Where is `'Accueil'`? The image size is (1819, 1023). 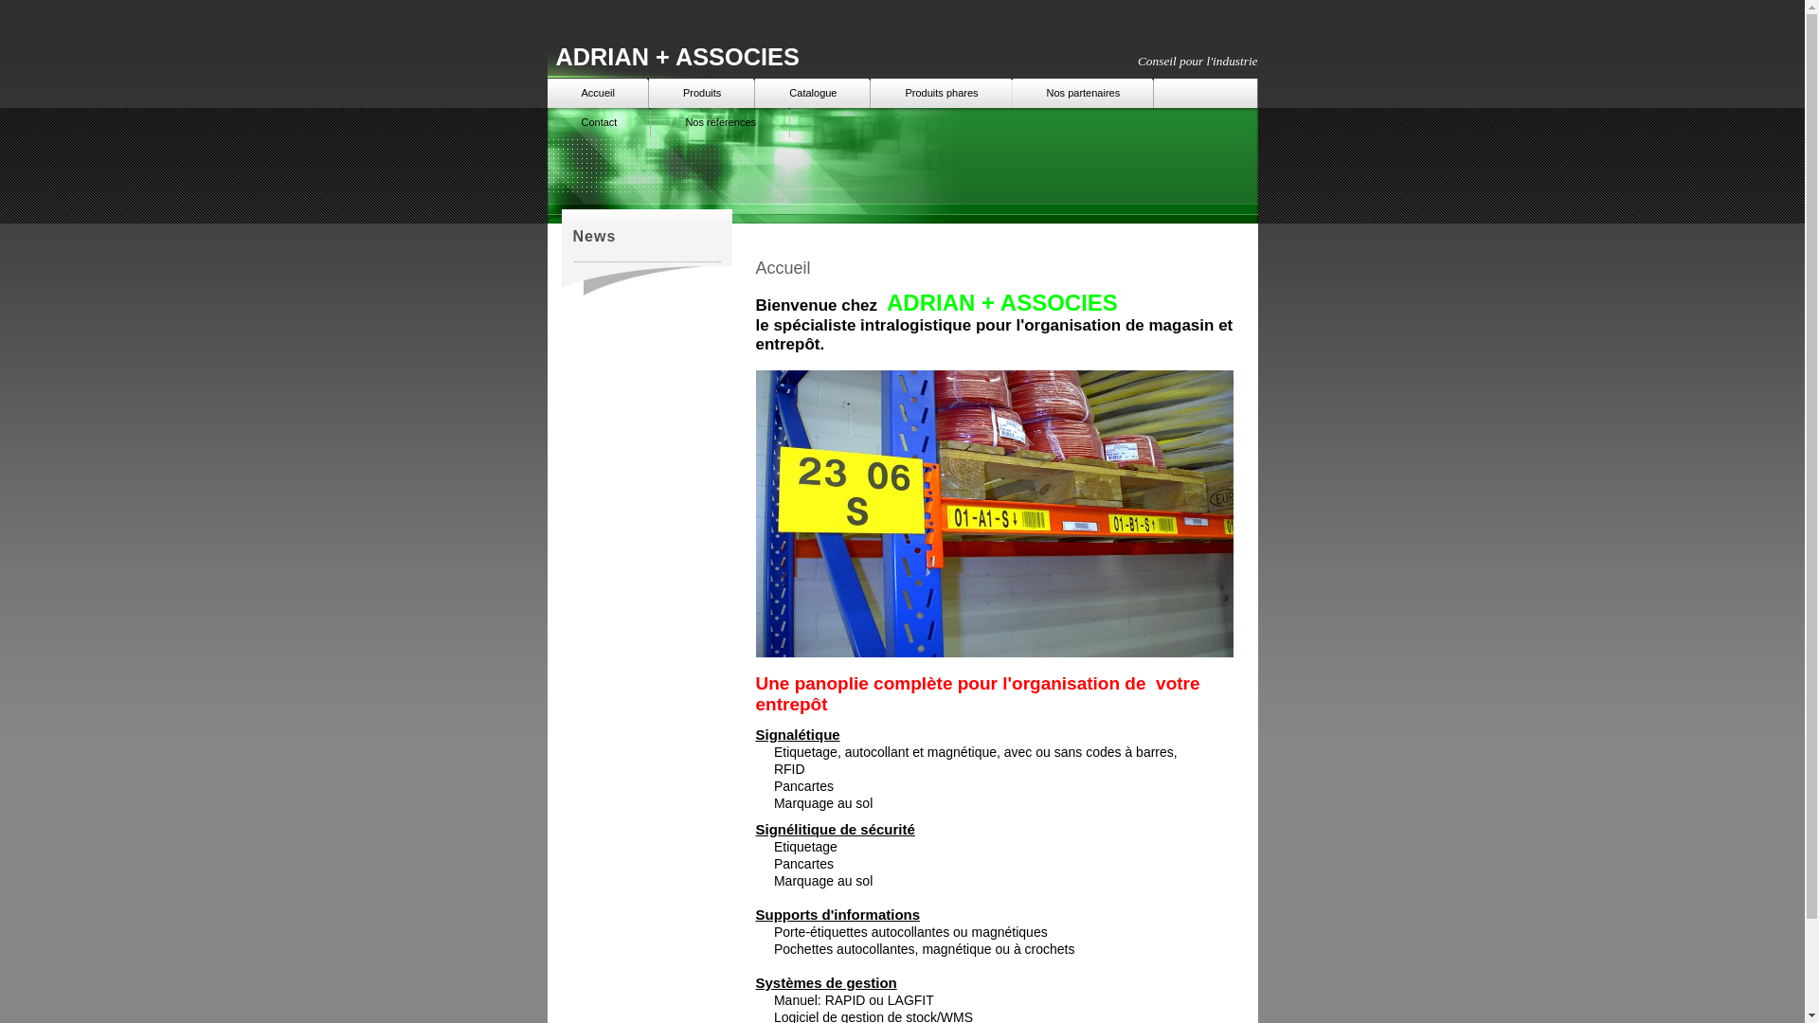 'Accueil' is located at coordinates (597, 92).